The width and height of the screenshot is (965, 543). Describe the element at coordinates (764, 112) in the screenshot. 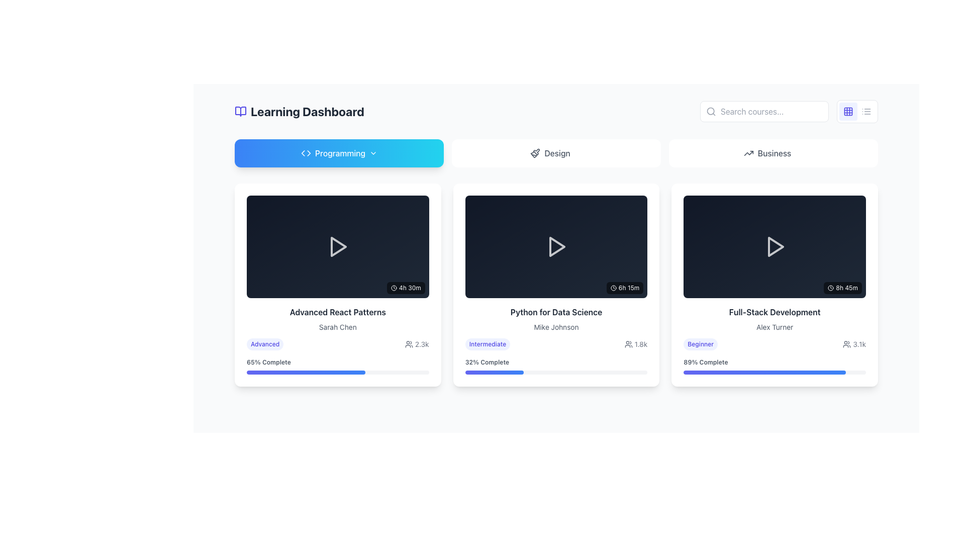

I see `and drop the text input field with an embedded icon used for initiating search functionality, located at the top-right area of the interface, adjacent` at that location.